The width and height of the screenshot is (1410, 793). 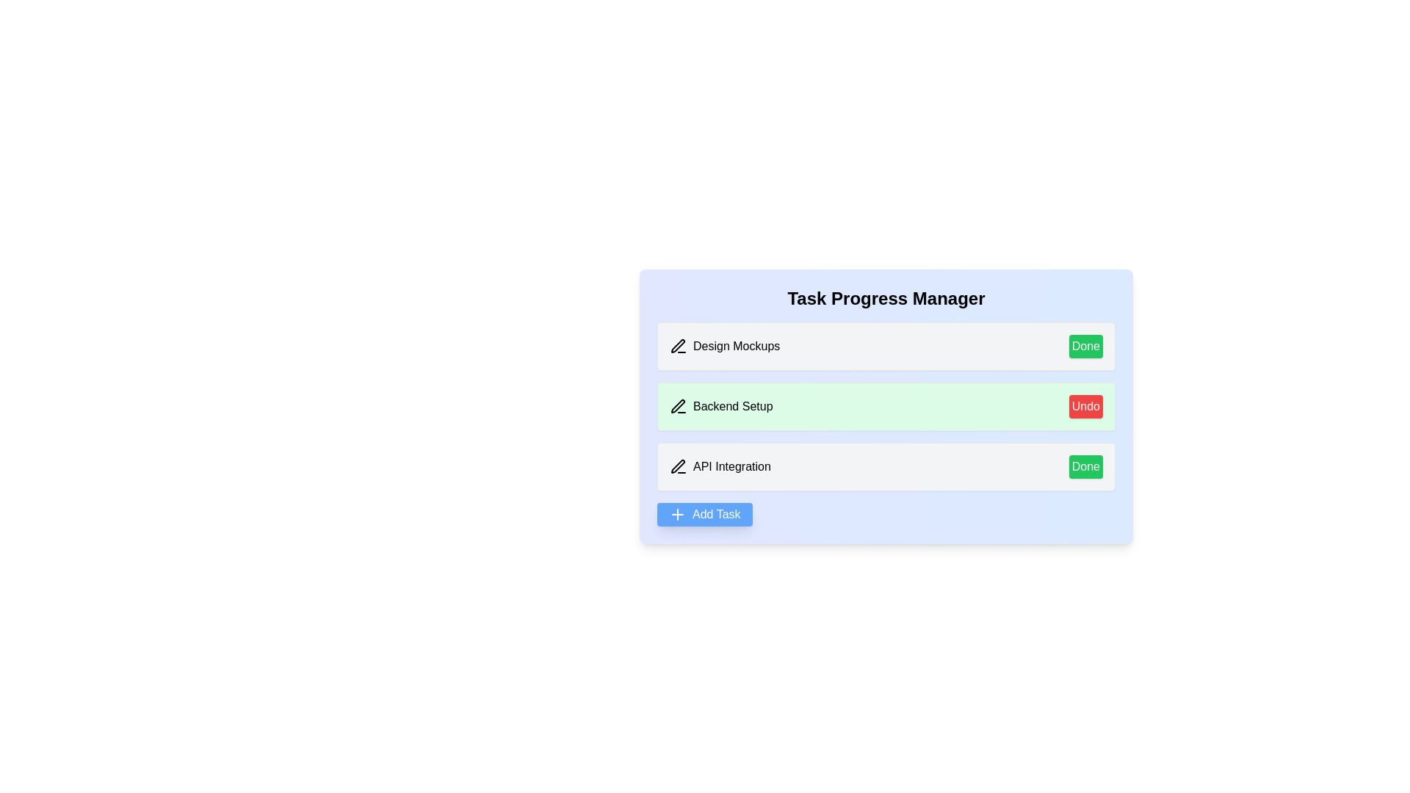 I want to click on the 'Add Task' button to add a new task, so click(x=704, y=514).